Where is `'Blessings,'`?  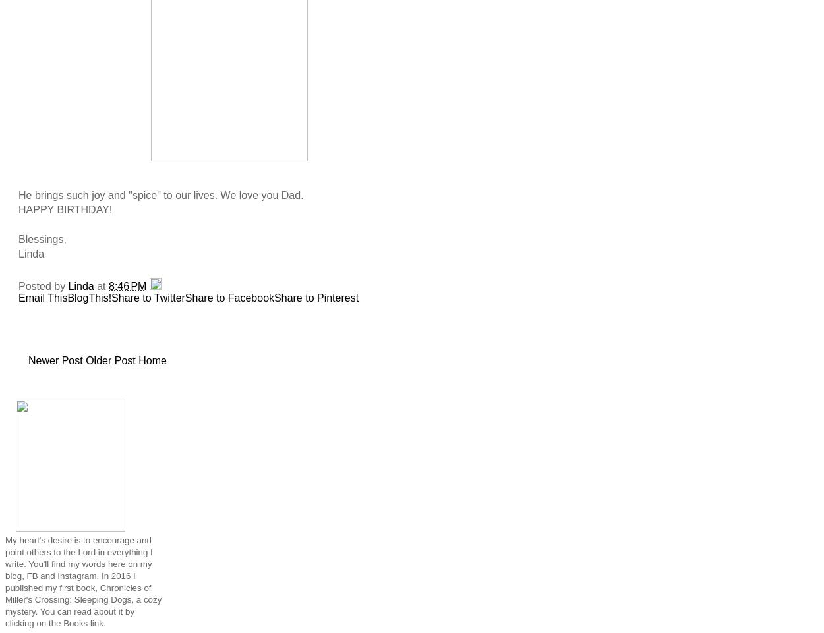
'Blessings,' is located at coordinates (42, 238).